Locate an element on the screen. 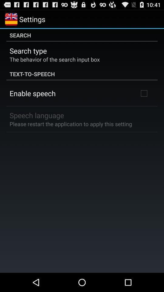  the item at the top right corner is located at coordinates (144, 93).